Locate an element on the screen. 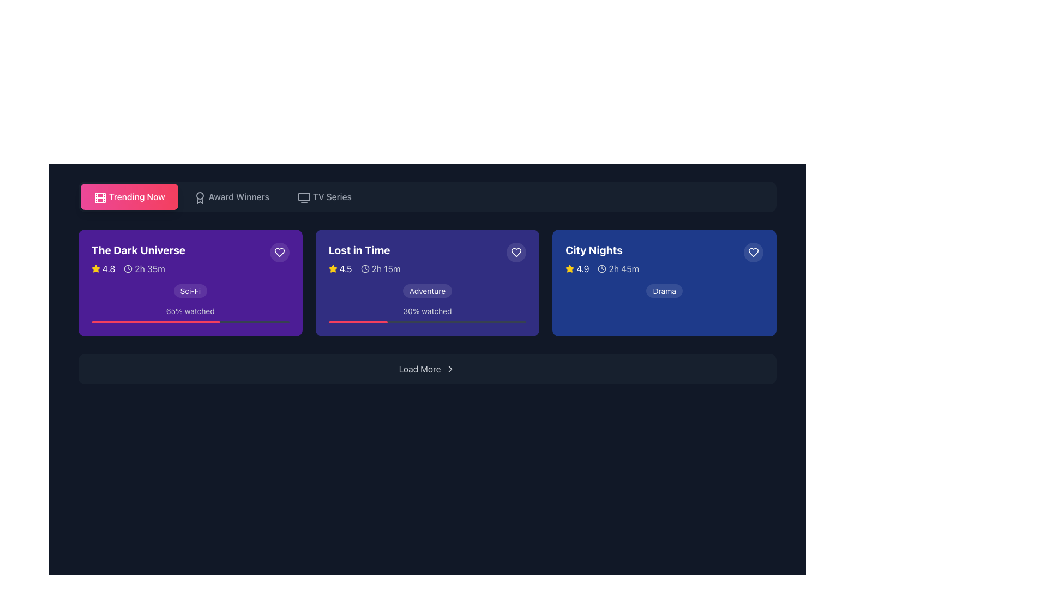 This screenshot has height=589, width=1047. the 'Load More' button, which is a rectangular button with rounded corners, dark gray background, and light gray text that changes to white on hover is located at coordinates (426, 369).